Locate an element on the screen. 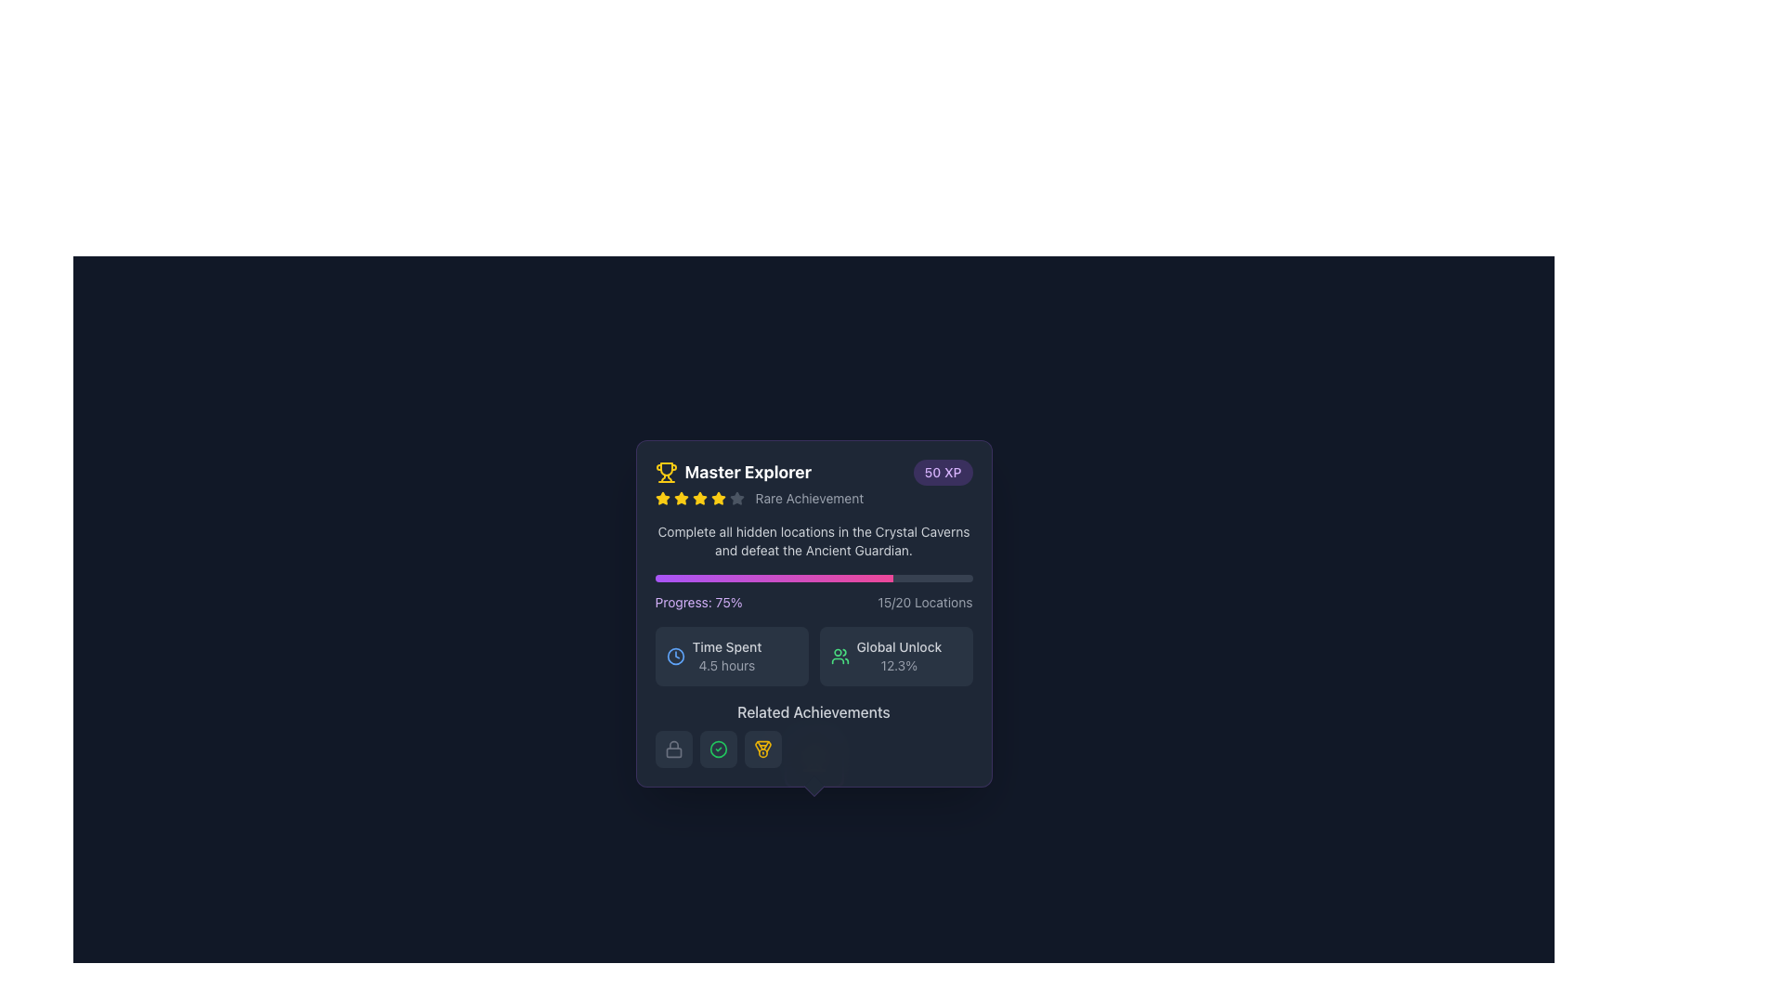 Image resolution: width=1783 pixels, height=1003 pixels. the state or style of the fourth star icon under the title 'Master Explorer', which has a greyish fill color and a slight 3D effect is located at coordinates (735, 497).